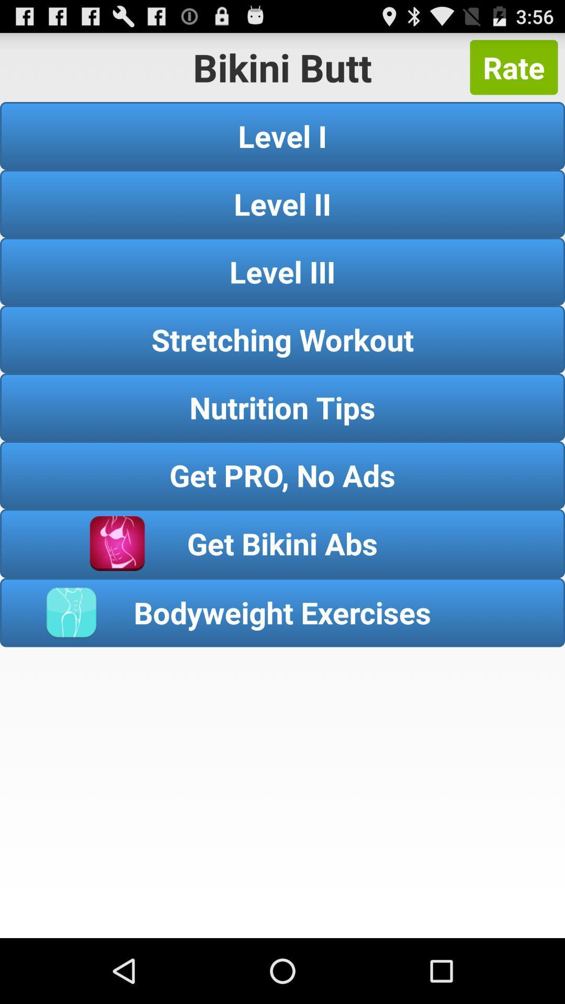 The image size is (565, 1004). Describe the element at coordinates (282, 406) in the screenshot. I see `button above get pro no` at that location.